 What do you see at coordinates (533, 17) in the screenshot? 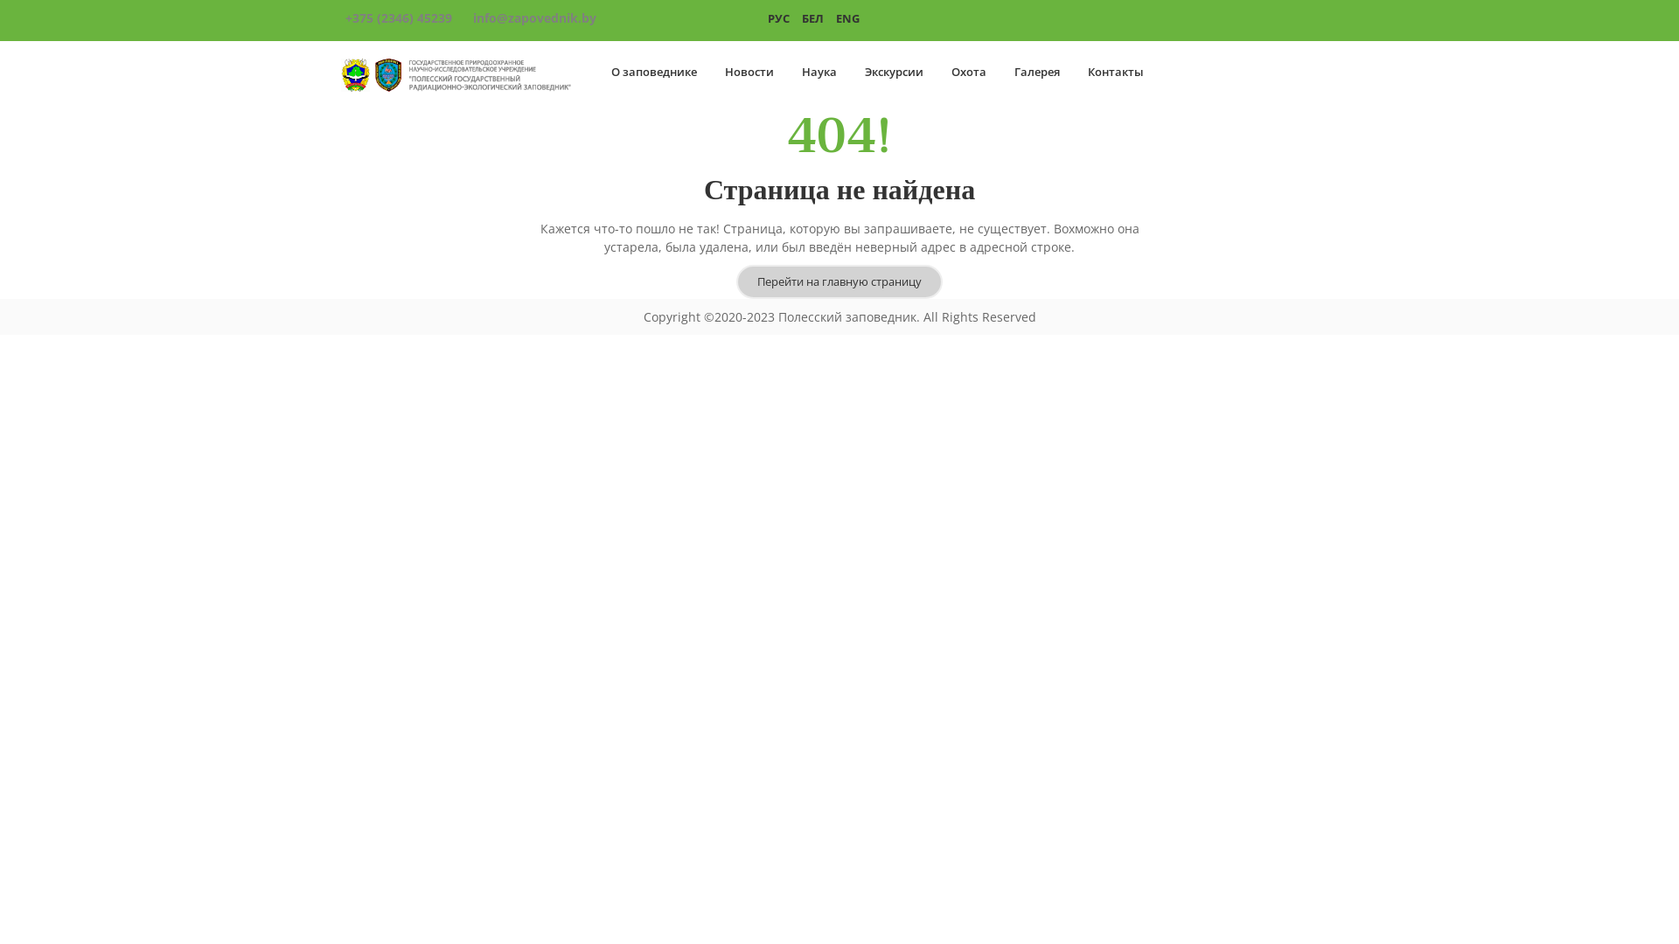
I see `'info@zapovednik.by'` at bounding box center [533, 17].